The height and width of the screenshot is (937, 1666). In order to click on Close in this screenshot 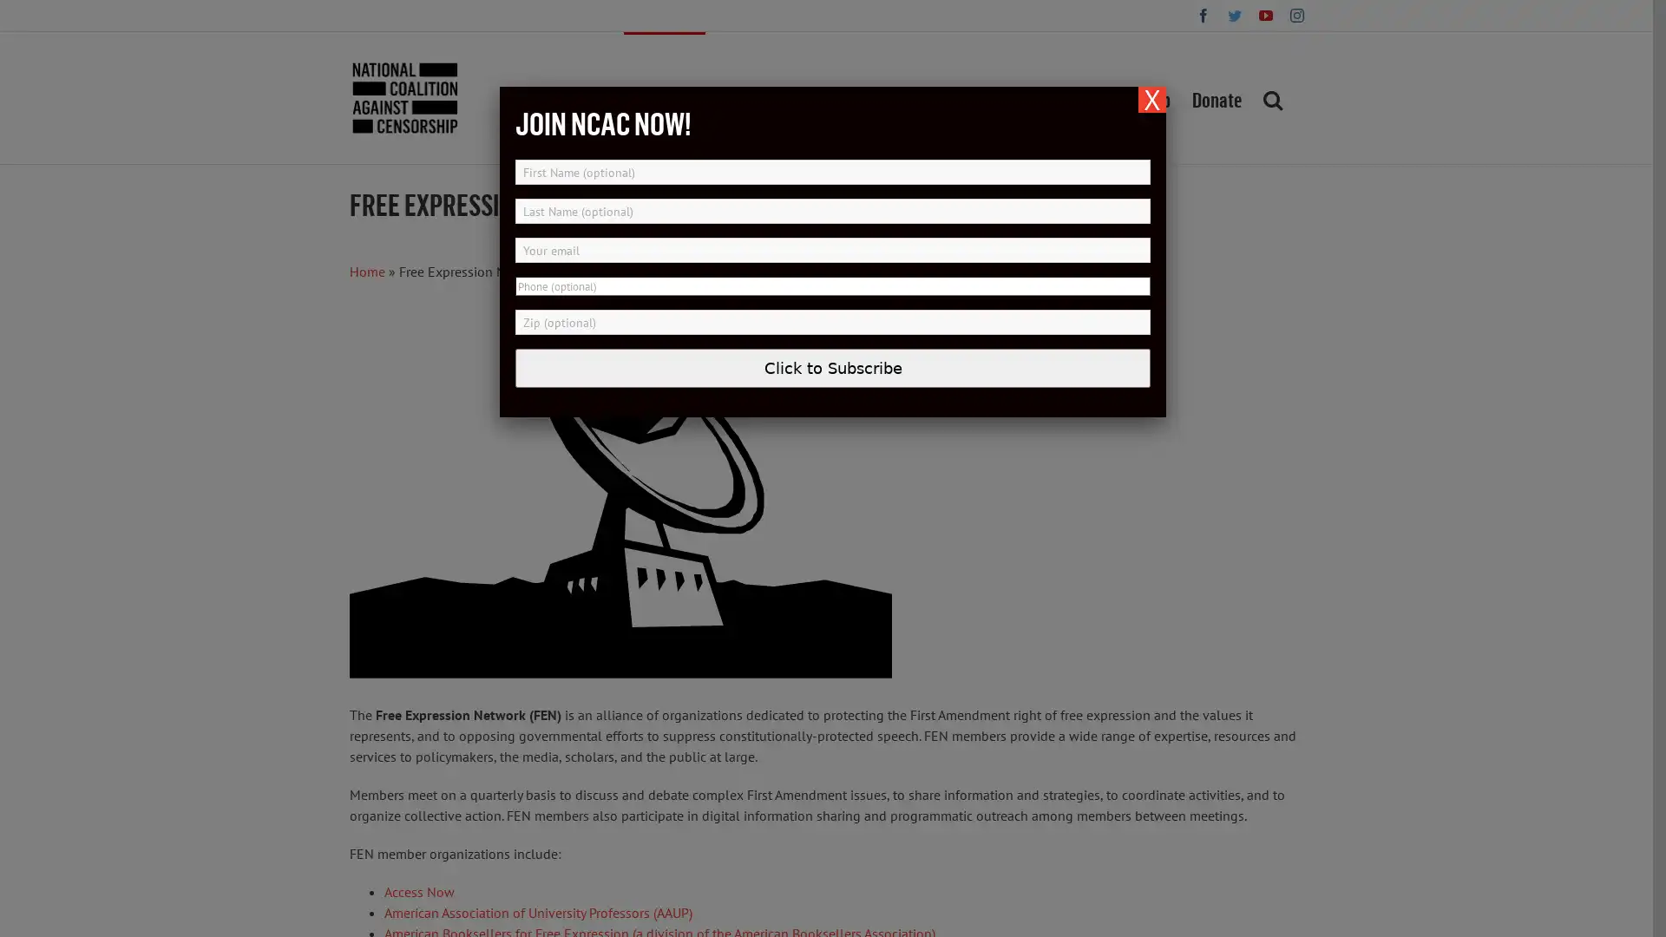, I will do `click(1152, 100)`.